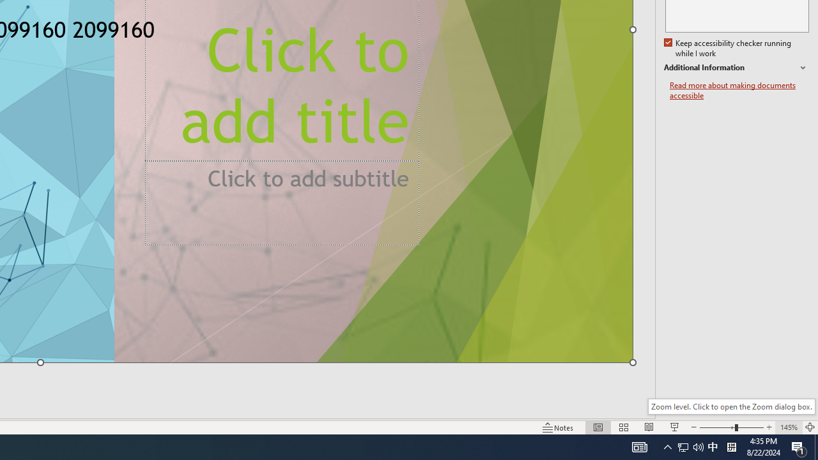 The width and height of the screenshot is (818, 460). Describe the element at coordinates (729, 48) in the screenshot. I see `'Keep accessibility checker running while I work'` at that location.